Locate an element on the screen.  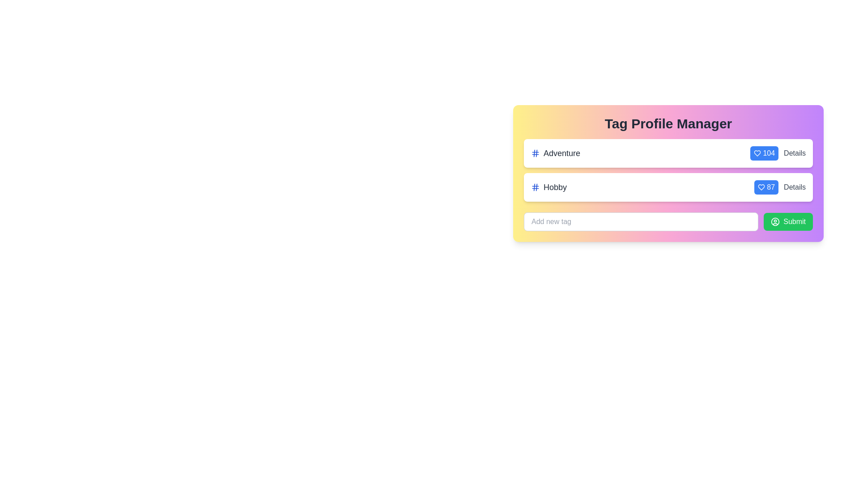
the 'Adventure' tag element, which is the first item in the 'Tag Profile Manager' section is located at coordinates (555, 153).